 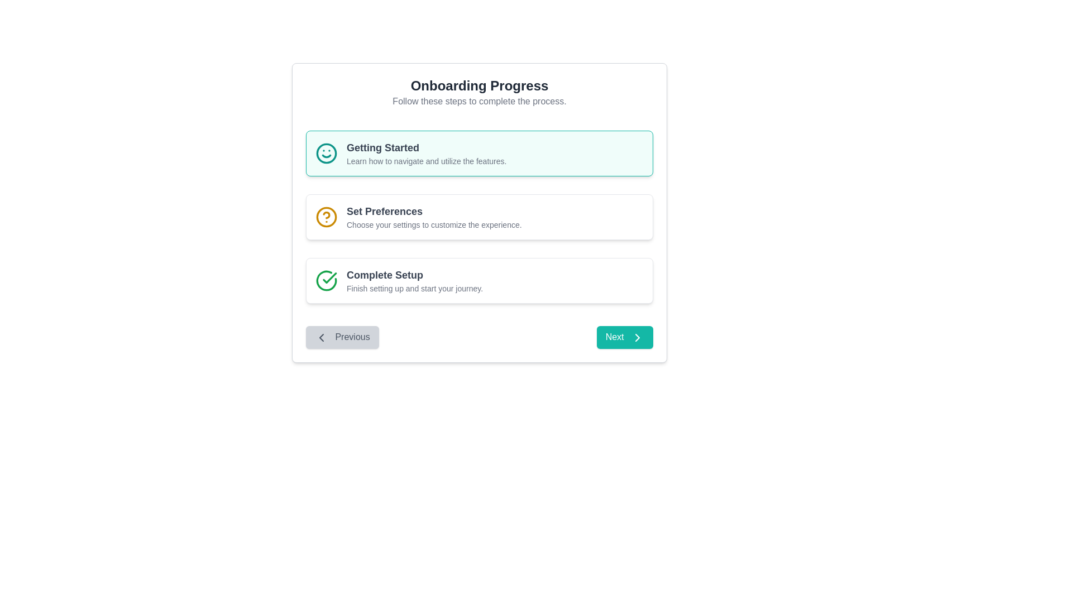 What do you see at coordinates (480, 217) in the screenshot?
I see `the 'Set Preferences' informational card section, which features a question icon in orange and text lines indicating customization options` at bounding box center [480, 217].